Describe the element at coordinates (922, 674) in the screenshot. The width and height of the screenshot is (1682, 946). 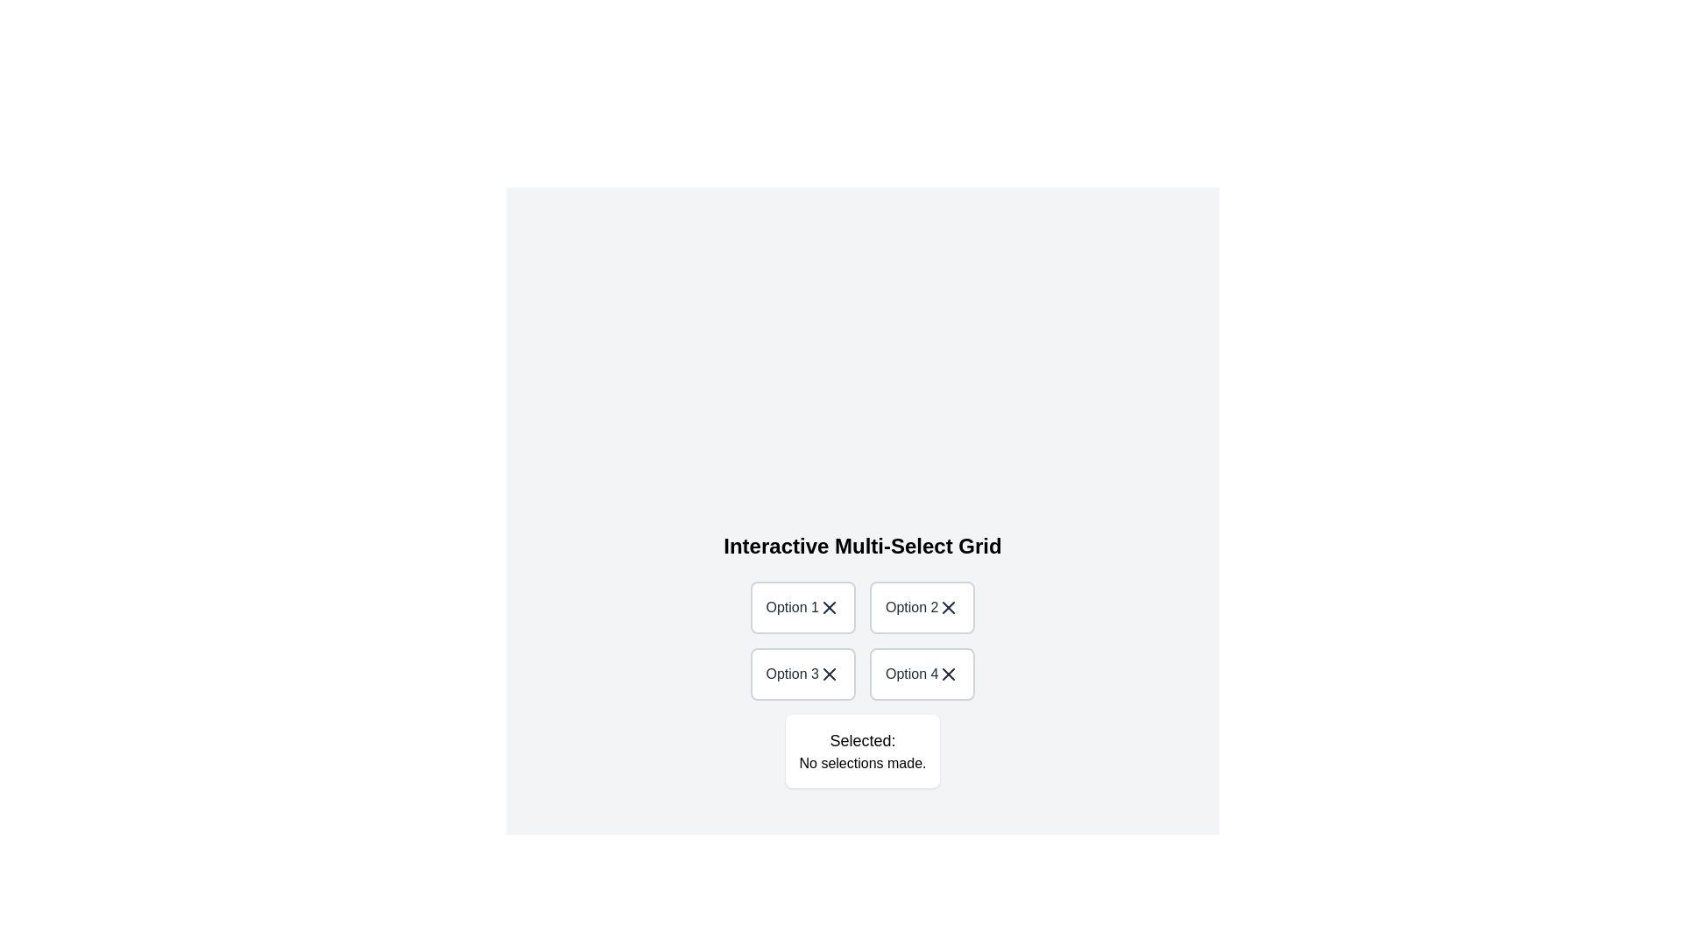
I see `the option Option 4 by clicking on it` at that location.